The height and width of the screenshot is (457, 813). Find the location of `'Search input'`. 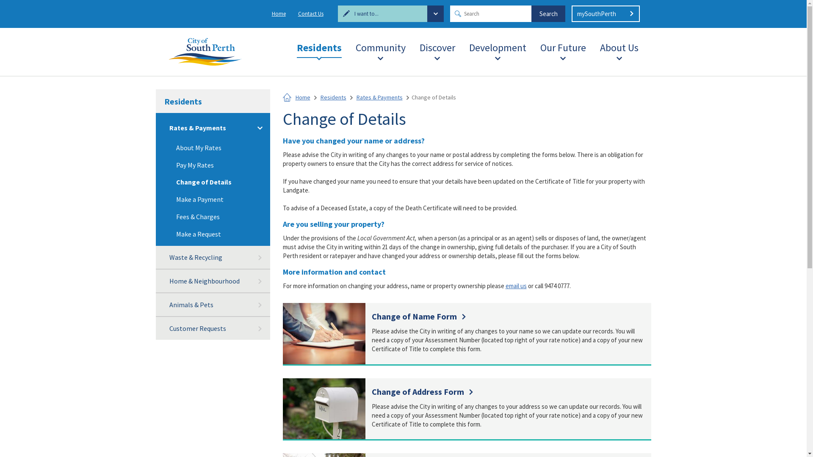

'Search input' is located at coordinates (508, 14).